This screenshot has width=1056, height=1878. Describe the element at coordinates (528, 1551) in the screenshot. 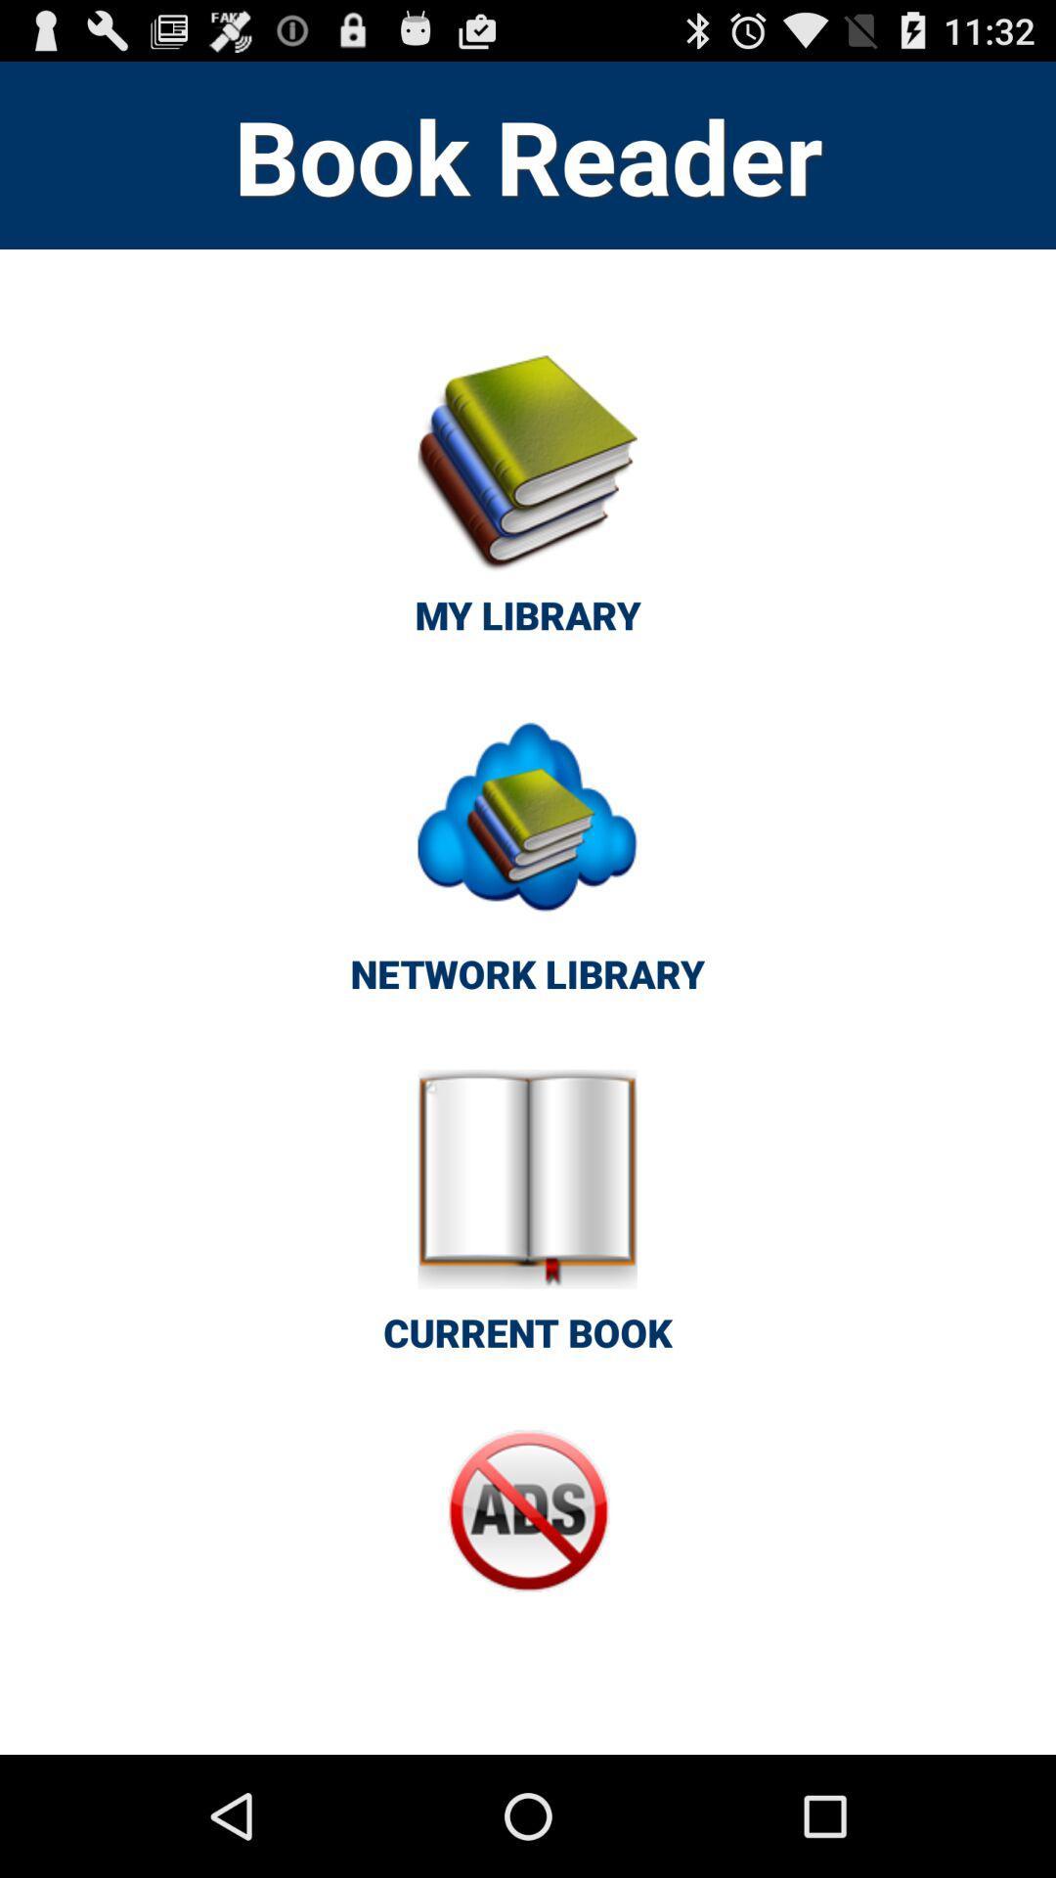

I see `item below the current book` at that location.